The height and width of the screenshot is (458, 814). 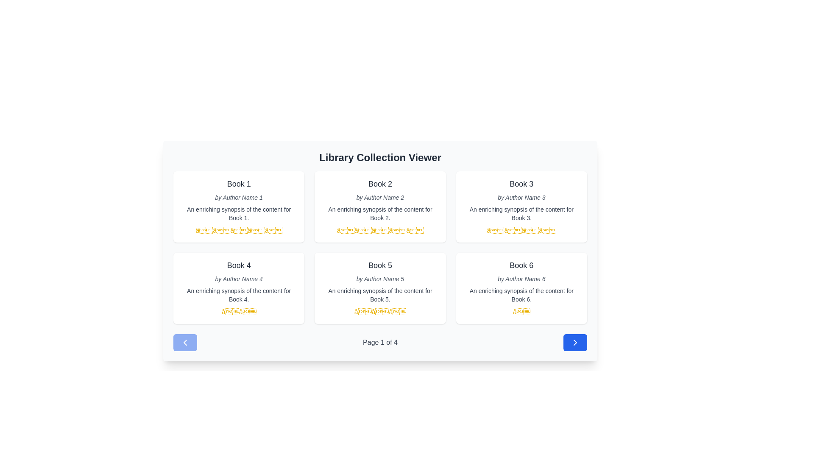 What do you see at coordinates (512, 230) in the screenshot?
I see `the active yellow star icon, which is the second in a series of four stars under the 'Book 3' card in the top-right corner of the grid layout` at bounding box center [512, 230].